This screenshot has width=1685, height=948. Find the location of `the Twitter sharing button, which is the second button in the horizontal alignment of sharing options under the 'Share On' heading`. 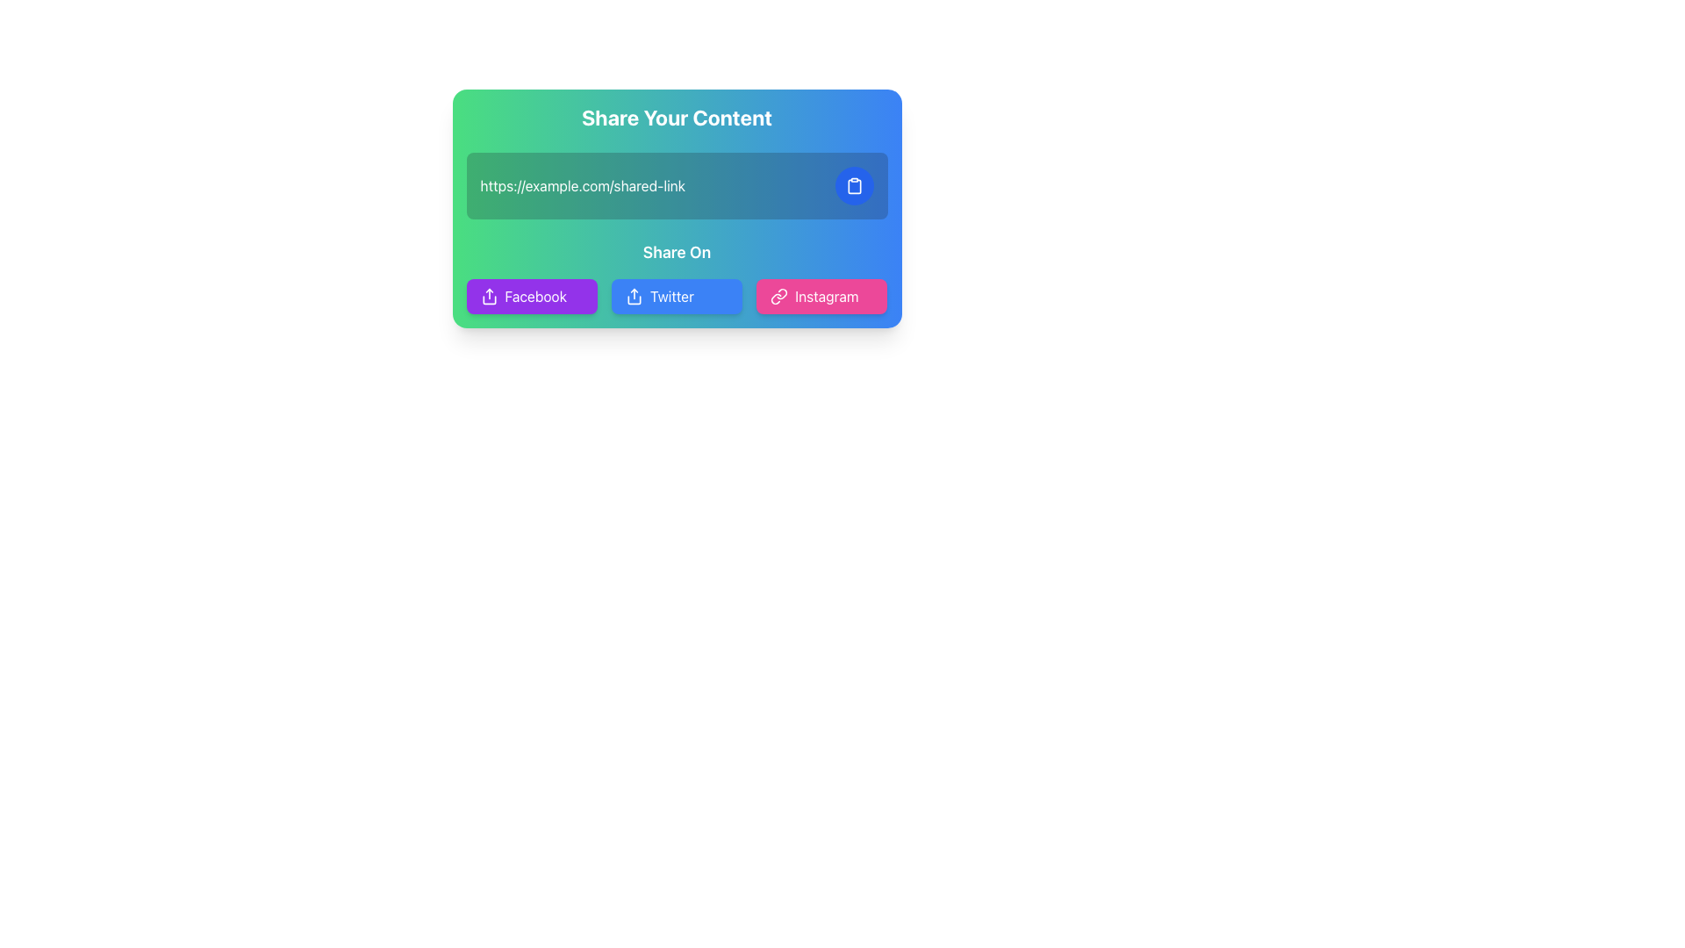

the Twitter sharing button, which is the second button in the horizontal alignment of sharing options under the 'Share On' heading is located at coordinates (676, 296).